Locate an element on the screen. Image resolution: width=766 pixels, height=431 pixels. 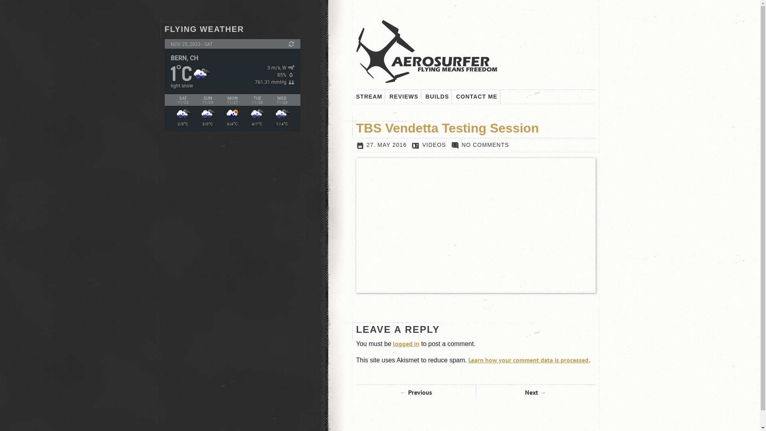
'light snow' is located at coordinates (201, 73).